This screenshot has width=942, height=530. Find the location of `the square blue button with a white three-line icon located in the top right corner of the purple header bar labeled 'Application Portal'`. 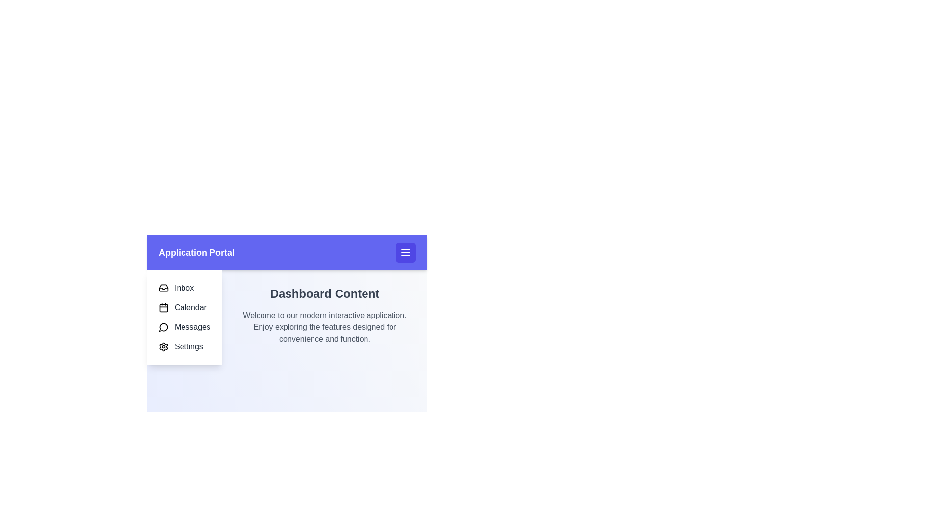

the square blue button with a white three-line icon located in the top right corner of the purple header bar labeled 'Application Portal' is located at coordinates (405, 252).